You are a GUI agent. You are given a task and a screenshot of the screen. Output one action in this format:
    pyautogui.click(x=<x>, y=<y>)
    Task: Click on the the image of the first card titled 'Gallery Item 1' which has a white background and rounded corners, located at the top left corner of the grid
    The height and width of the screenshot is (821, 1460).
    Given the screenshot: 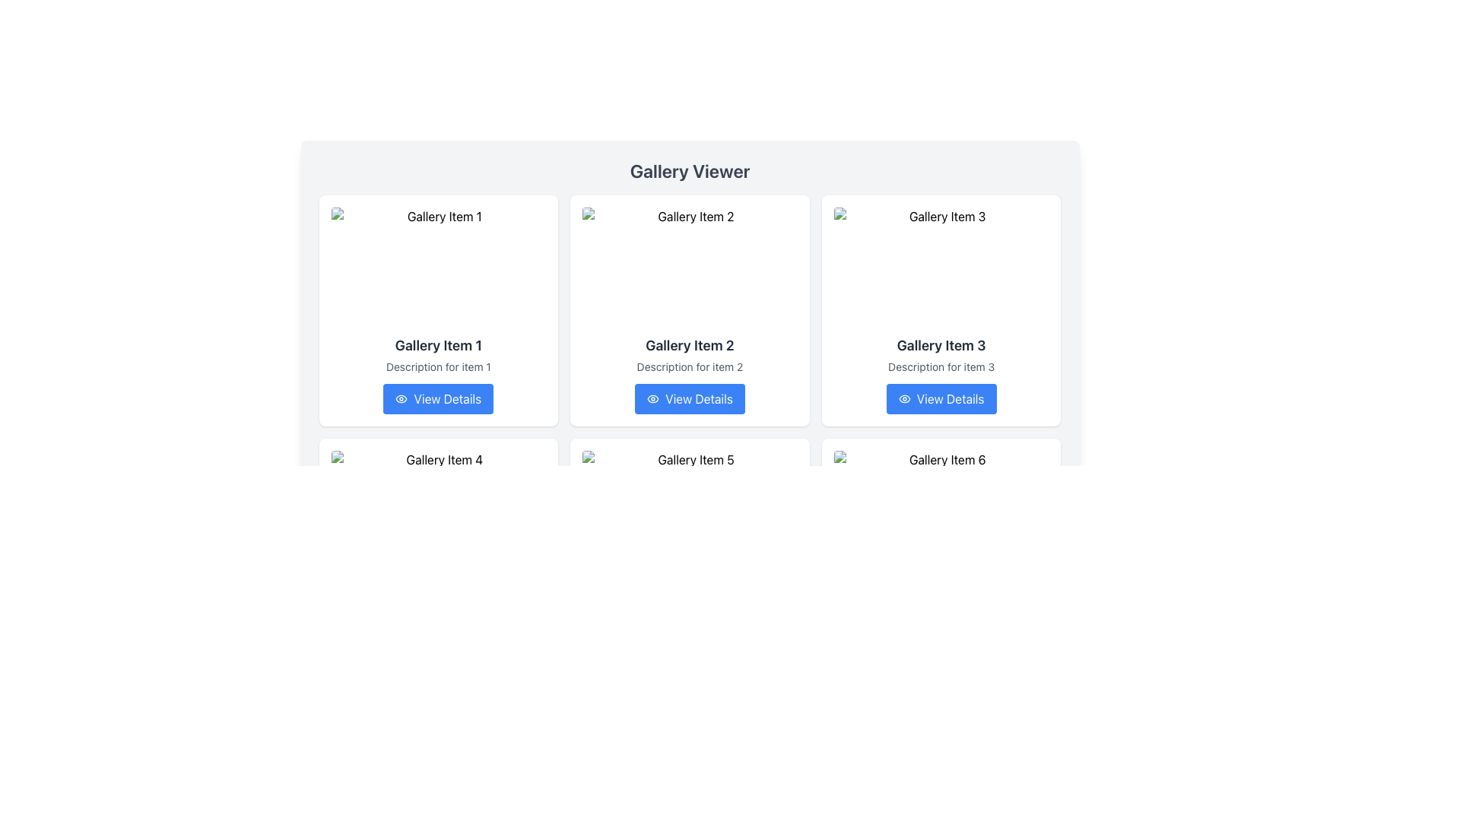 What is the action you would take?
    pyautogui.click(x=437, y=309)
    